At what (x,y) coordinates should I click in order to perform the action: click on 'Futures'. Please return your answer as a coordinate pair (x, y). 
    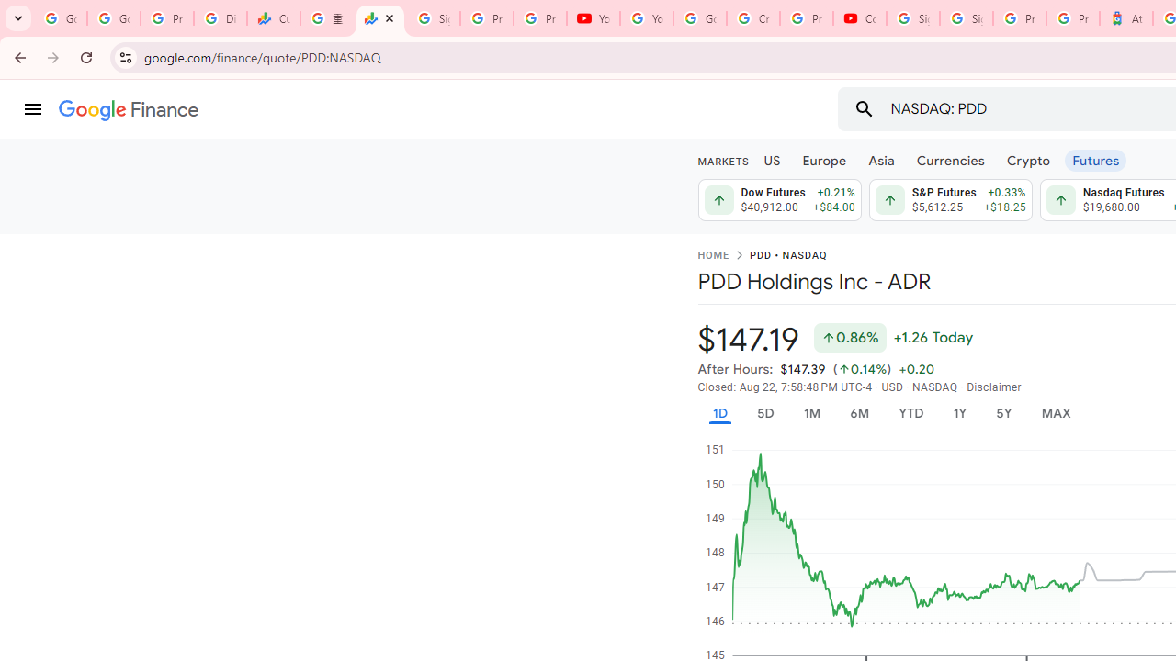
    Looking at the image, I should click on (1095, 159).